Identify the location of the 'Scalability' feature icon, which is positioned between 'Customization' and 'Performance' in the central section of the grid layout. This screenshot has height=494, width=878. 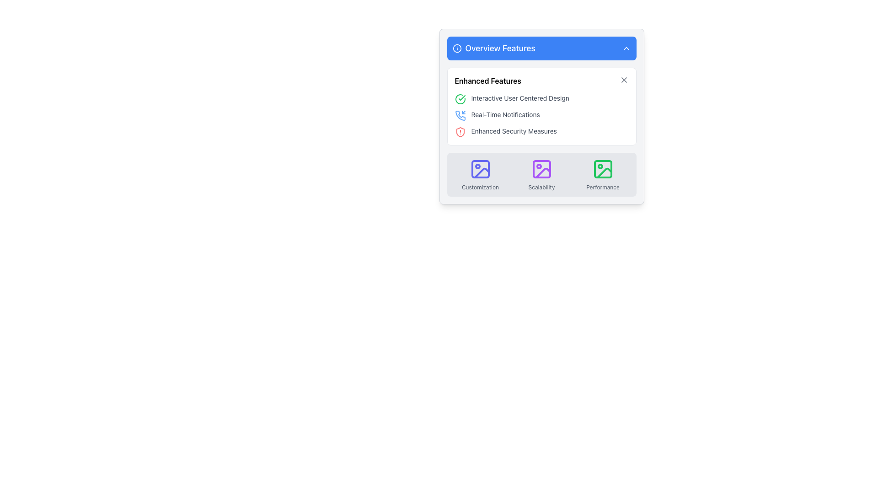
(541, 174).